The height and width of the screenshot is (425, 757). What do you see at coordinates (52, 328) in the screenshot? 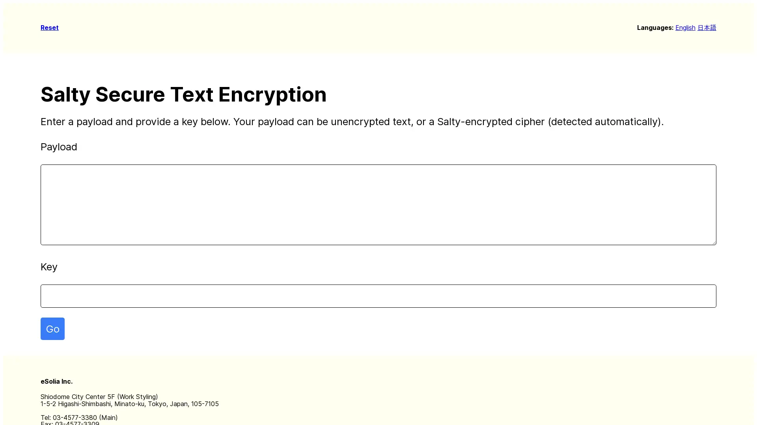
I see `Go` at bounding box center [52, 328].